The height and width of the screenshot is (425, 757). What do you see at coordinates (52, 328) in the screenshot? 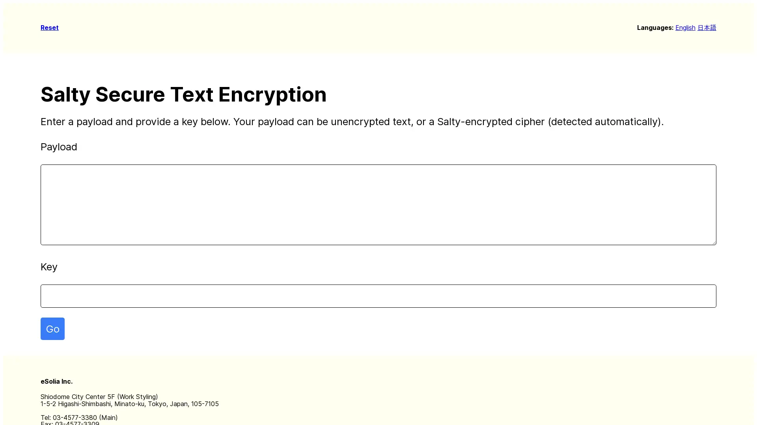
I see `Go` at bounding box center [52, 328].